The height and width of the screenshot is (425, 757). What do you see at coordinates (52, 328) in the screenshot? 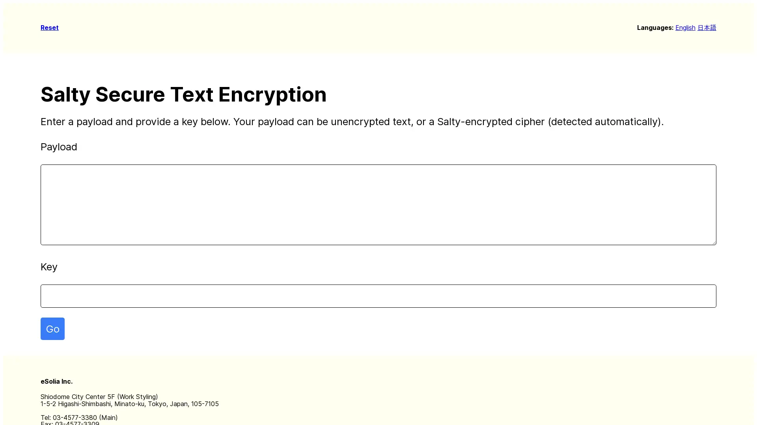
I see `Go` at bounding box center [52, 328].